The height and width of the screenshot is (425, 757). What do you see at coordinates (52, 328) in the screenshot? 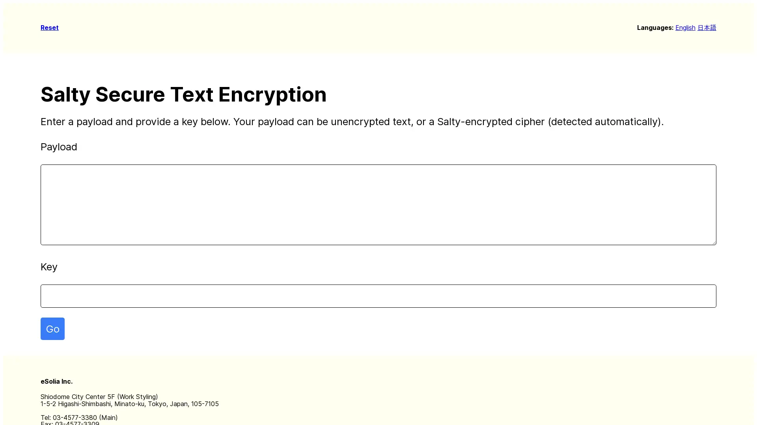
I see `Go` at bounding box center [52, 328].